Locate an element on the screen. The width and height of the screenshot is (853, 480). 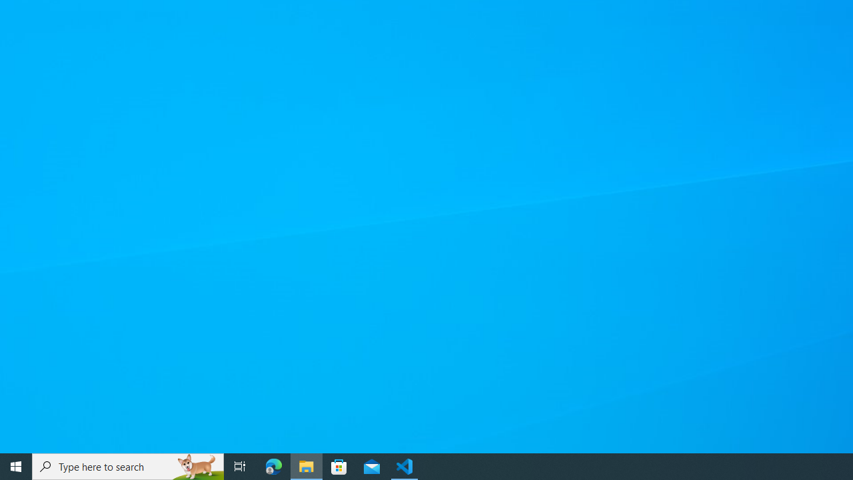
'Visual Studio Code - 1 running window' is located at coordinates (404, 465).